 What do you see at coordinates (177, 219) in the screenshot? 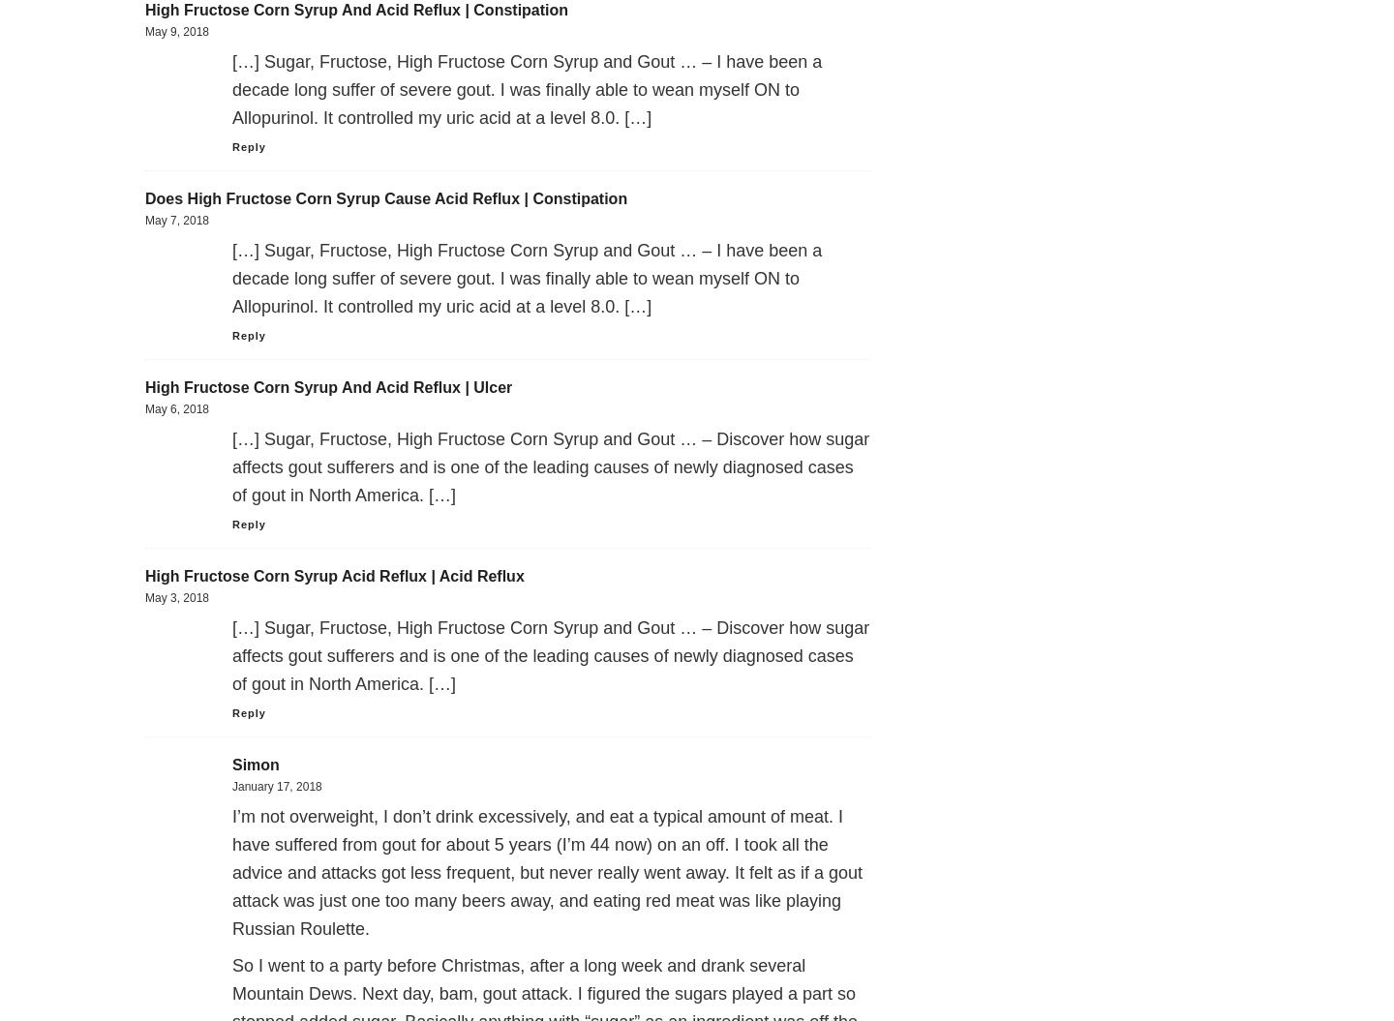
I see `'May 7, 2018'` at bounding box center [177, 219].